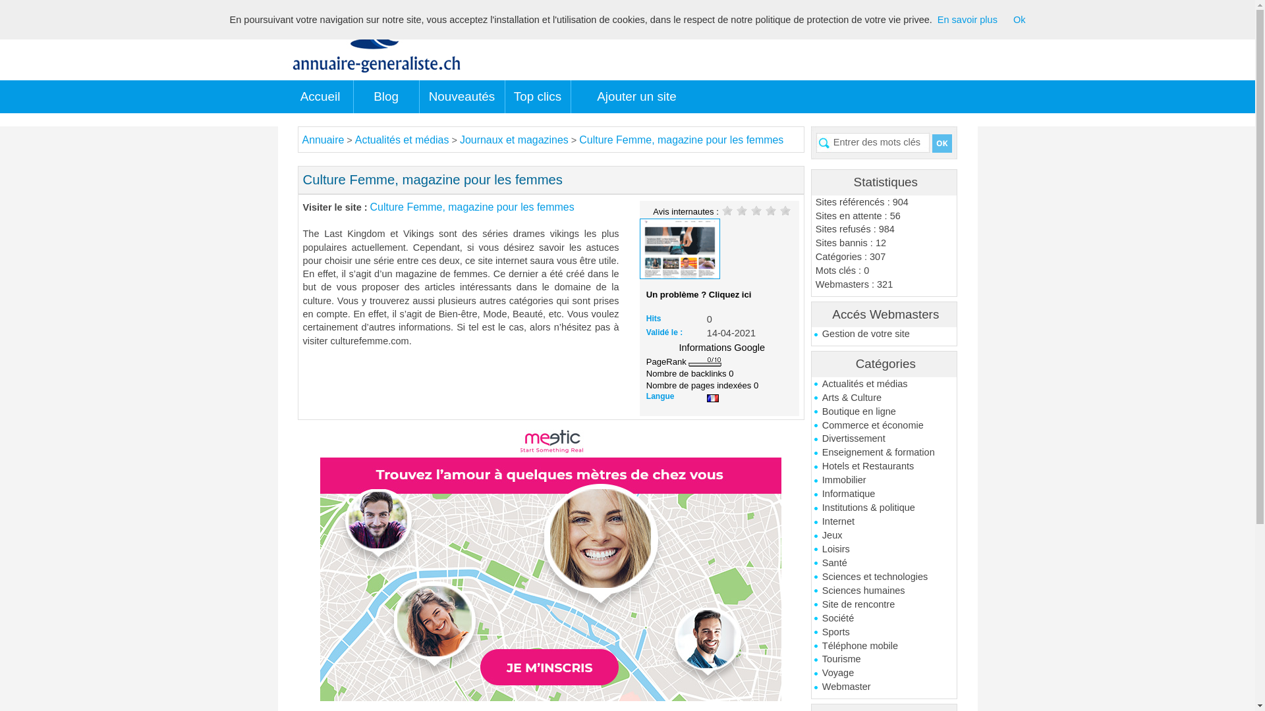  I want to click on 'Annuaire', so click(322, 140).